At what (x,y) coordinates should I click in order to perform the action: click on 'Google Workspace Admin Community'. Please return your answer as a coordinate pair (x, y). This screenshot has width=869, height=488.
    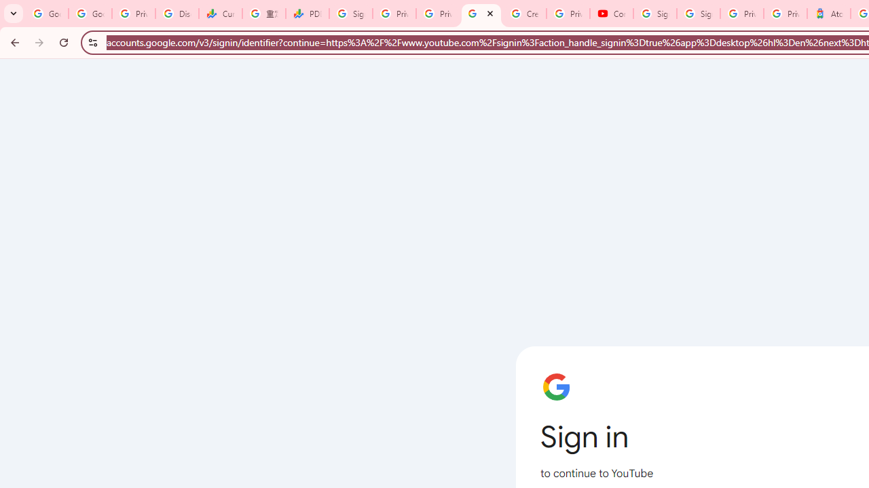
    Looking at the image, I should click on (47, 14).